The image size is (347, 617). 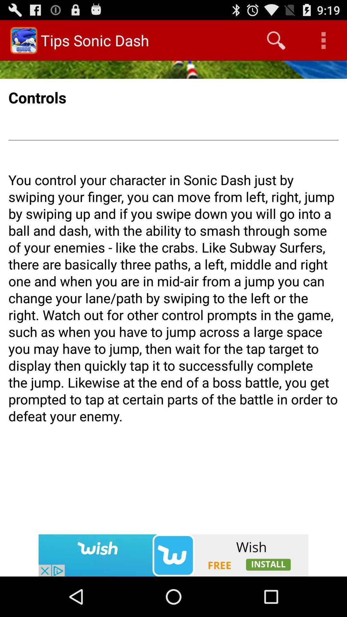 I want to click on icon to the right of the tips sonic dash icon, so click(x=276, y=40).